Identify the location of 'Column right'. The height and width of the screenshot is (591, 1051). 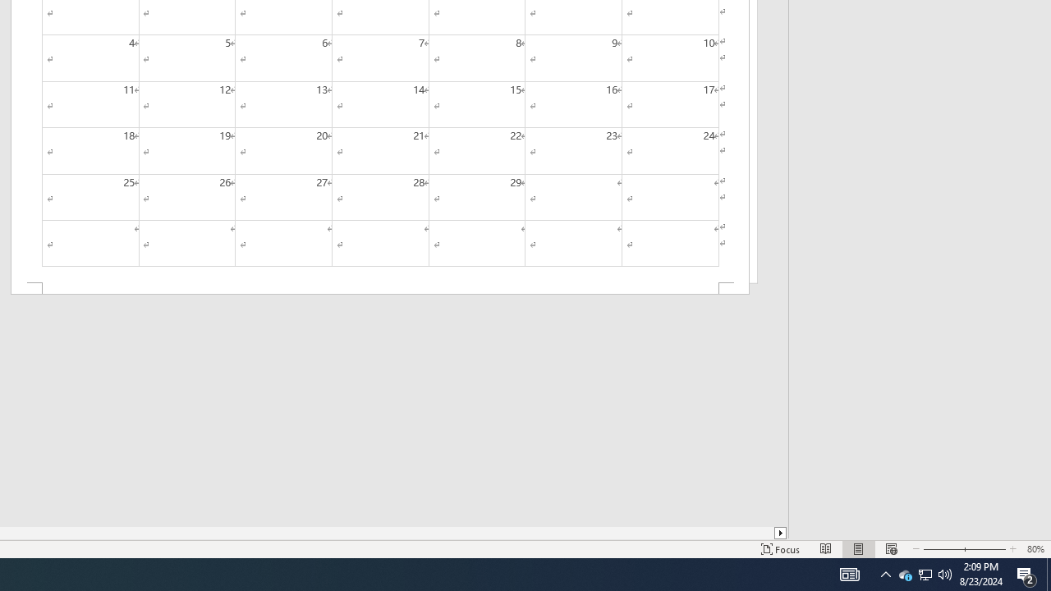
(780, 533).